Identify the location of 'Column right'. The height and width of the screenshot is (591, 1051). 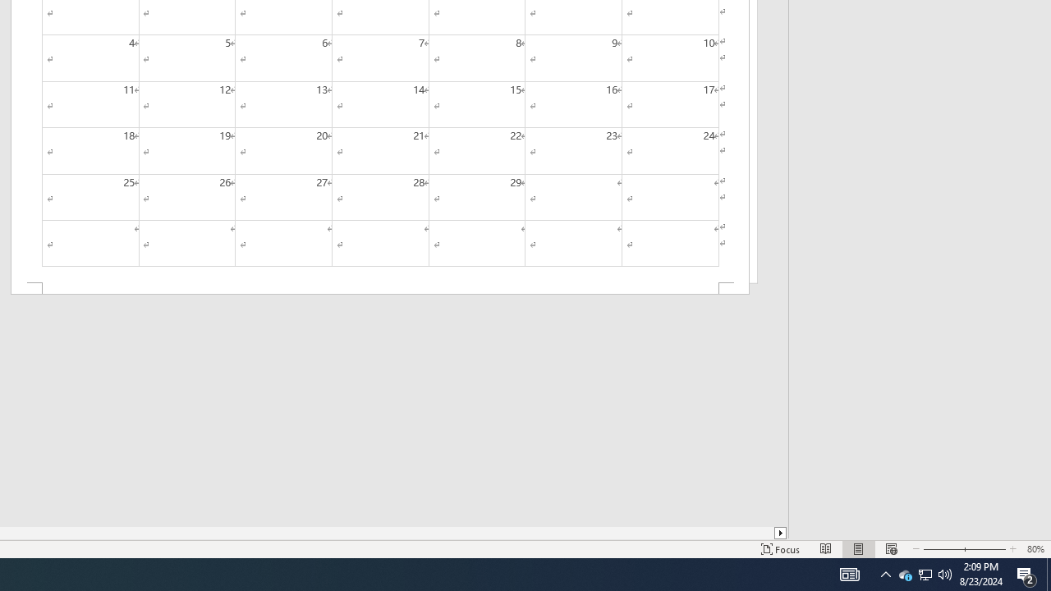
(780, 533).